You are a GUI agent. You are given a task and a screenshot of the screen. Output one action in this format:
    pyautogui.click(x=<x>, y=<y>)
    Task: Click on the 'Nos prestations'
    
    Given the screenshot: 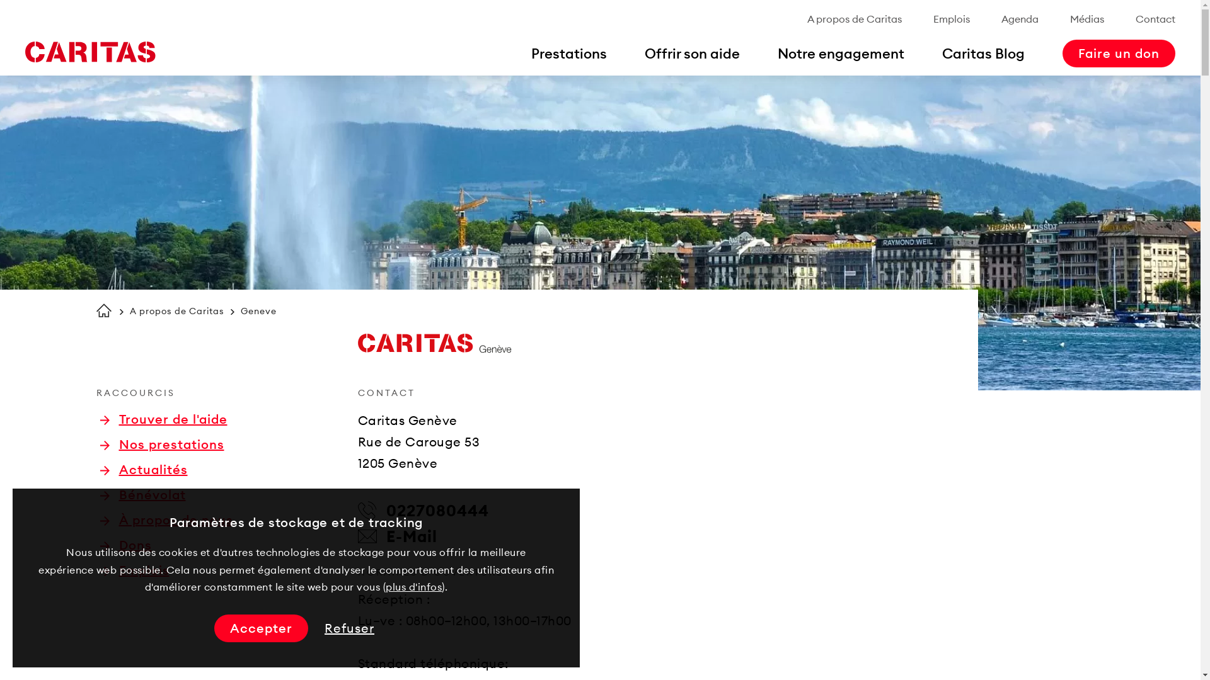 What is the action you would take?
    pyautogui.click(x=161, y=443)
    